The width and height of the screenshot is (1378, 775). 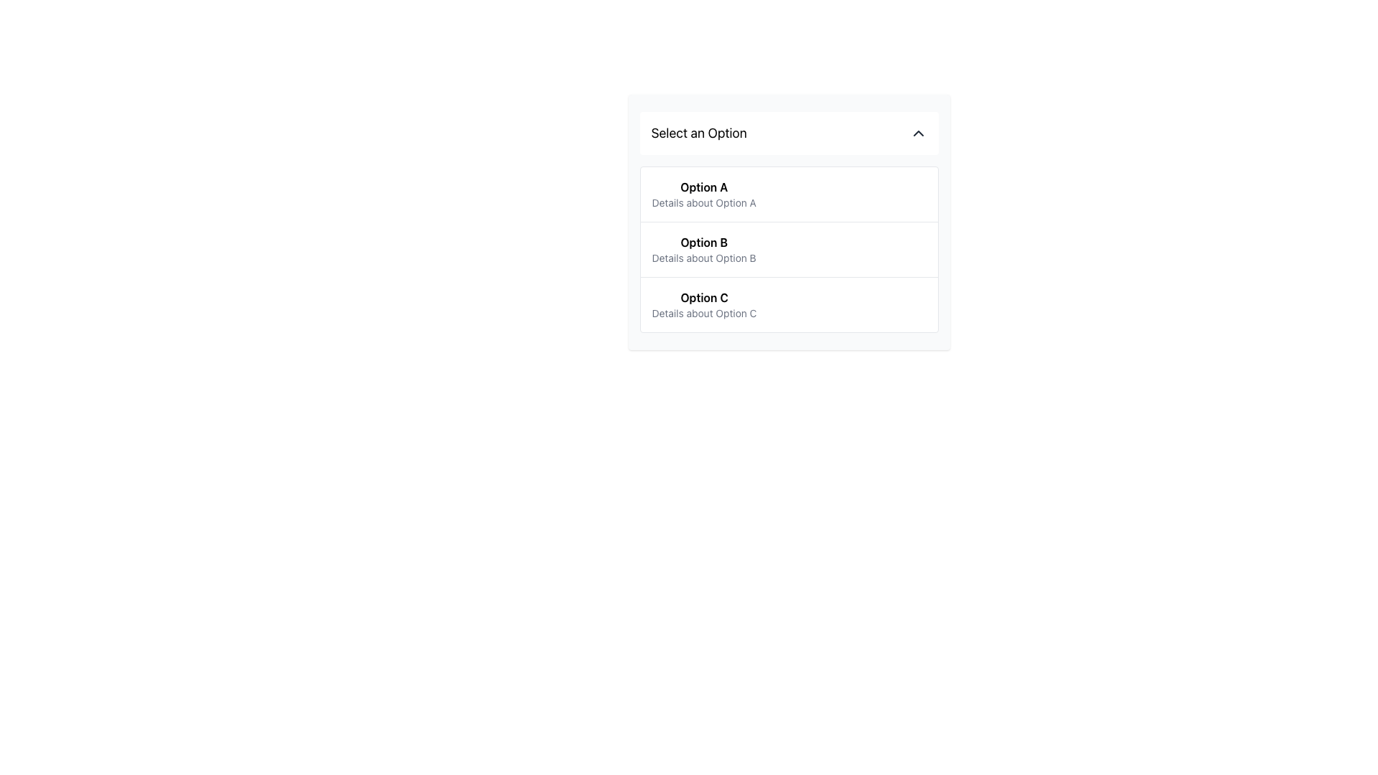 I want to click on the text label displaying 'Select an Option', which is styled in bold black text on a white background, located in the top-center of the dropdown module, so click(x=699, y=133).